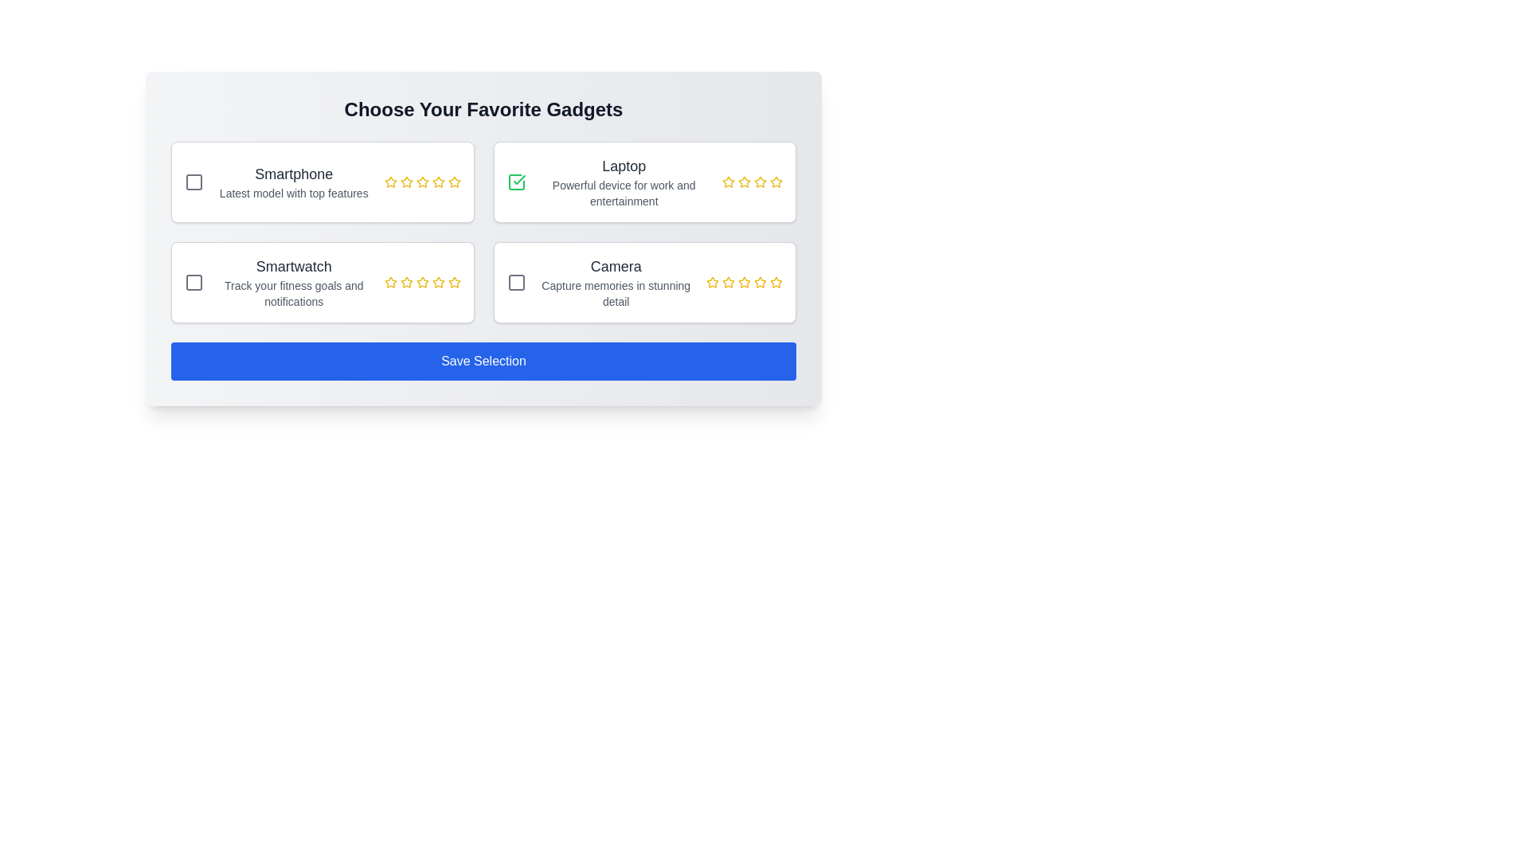  I want to click on the Text Label that displays 'Laptop', which is styled with a larger, bold font and dark gray color, located in the upper-right segment of the interface, so click(623, 166).